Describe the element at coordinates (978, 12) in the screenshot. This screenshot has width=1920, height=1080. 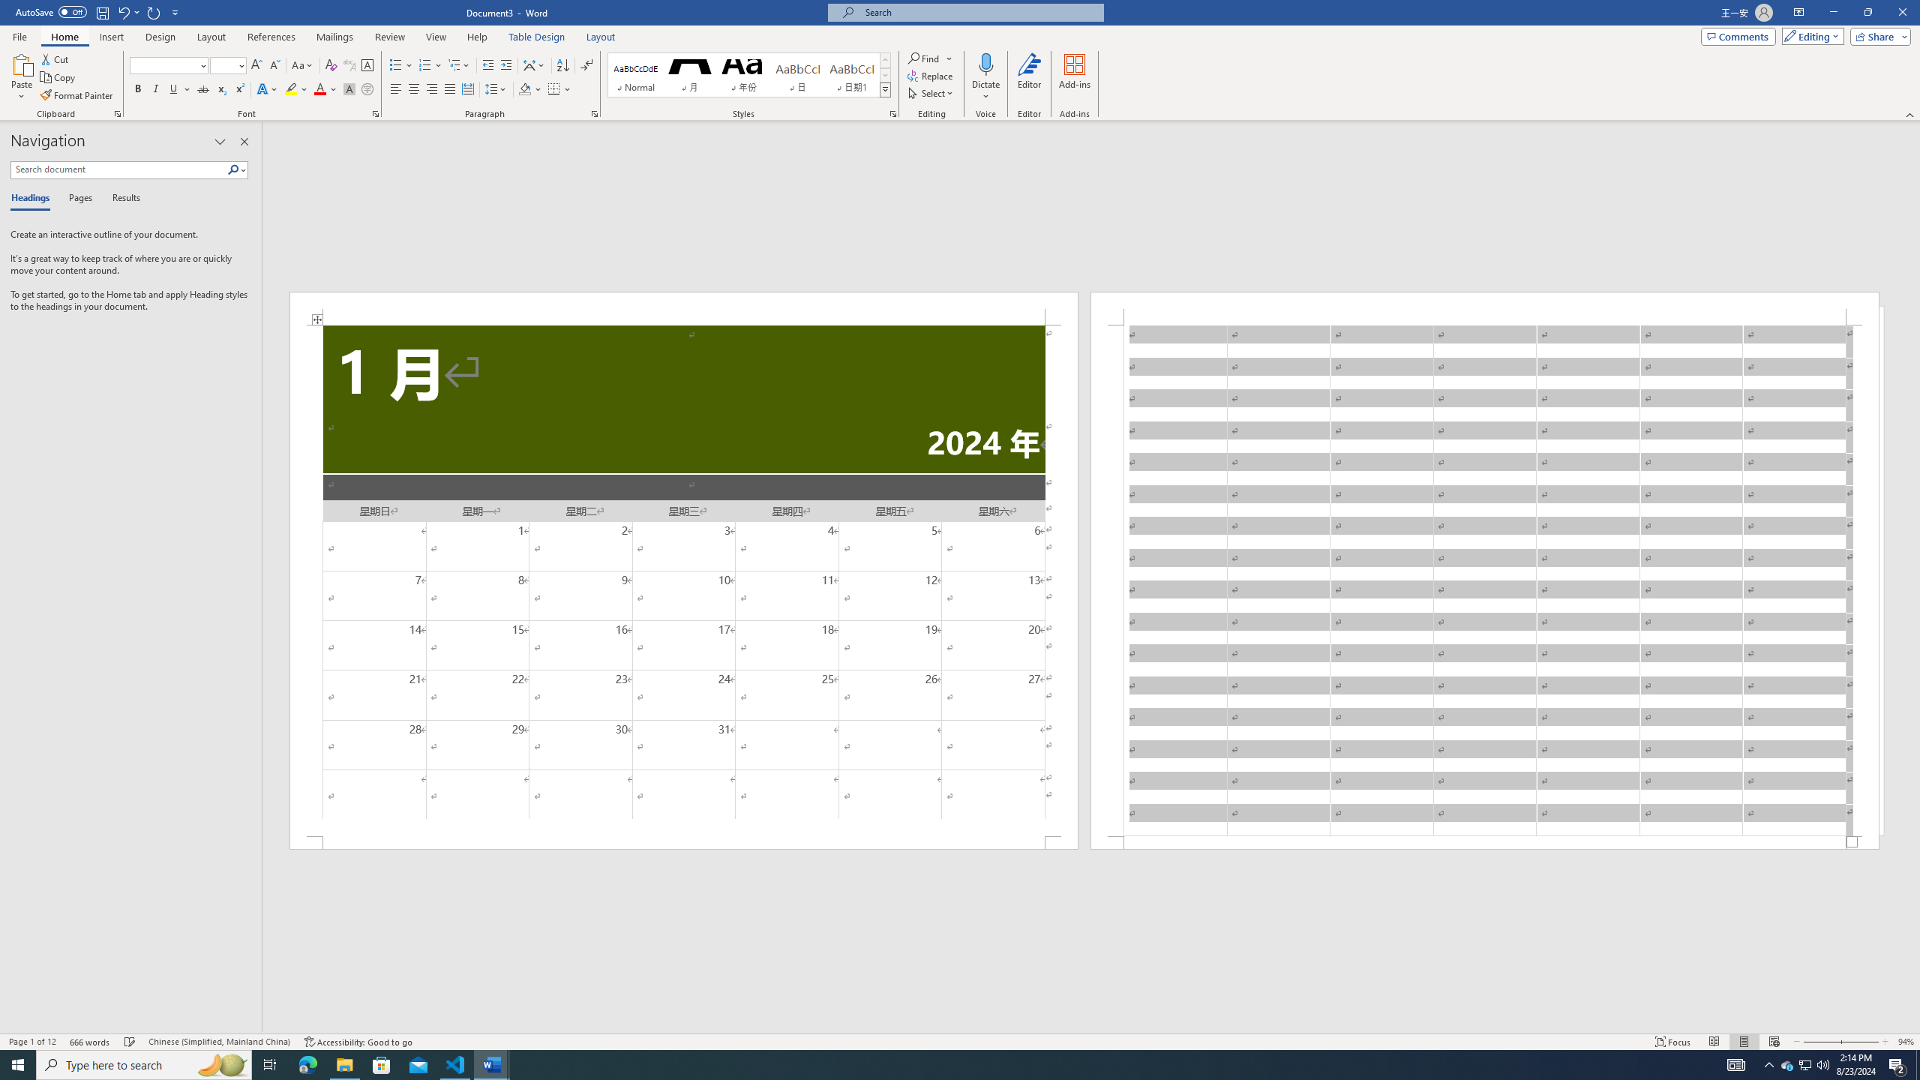
I see `'Microsoft search'` at that location.